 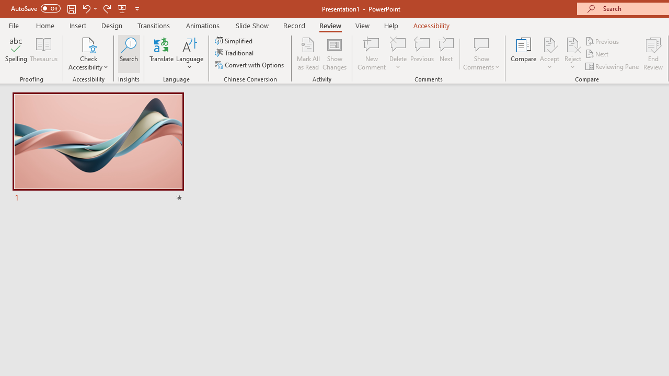 I want to click on 'Reviewing Pane', so click(x=613, y=66).